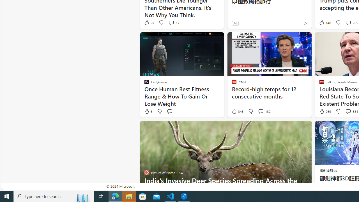  What do you see at coordinates (148, 111) in the screenshot?
I see `'6 Like'` at bounding box center [148, 111].